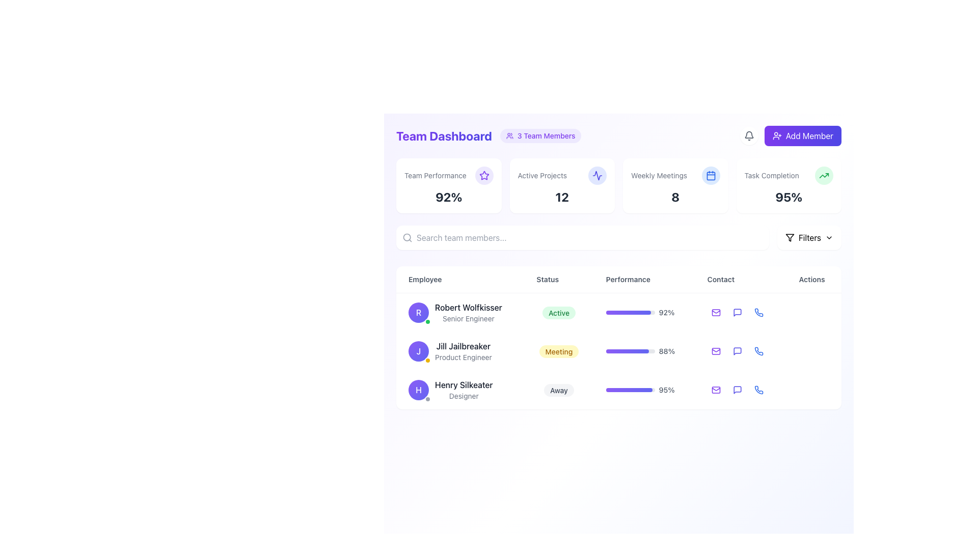 The height and width of the screenshot is (550, 978). I want to click on the last column header of the table, which indicates action buttons or options related to the table rows, so click(813, 280).